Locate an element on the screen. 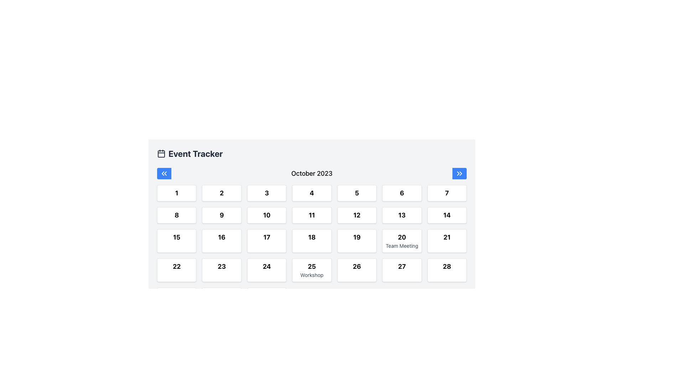  the bold text displaying the number '14' in the third row and fifth column of the calendar layout is located at coordinates (446, 215).